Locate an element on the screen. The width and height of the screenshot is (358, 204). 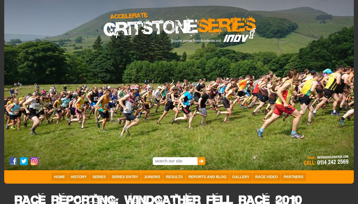
'Gallery' is located at coordinates (240, 177).